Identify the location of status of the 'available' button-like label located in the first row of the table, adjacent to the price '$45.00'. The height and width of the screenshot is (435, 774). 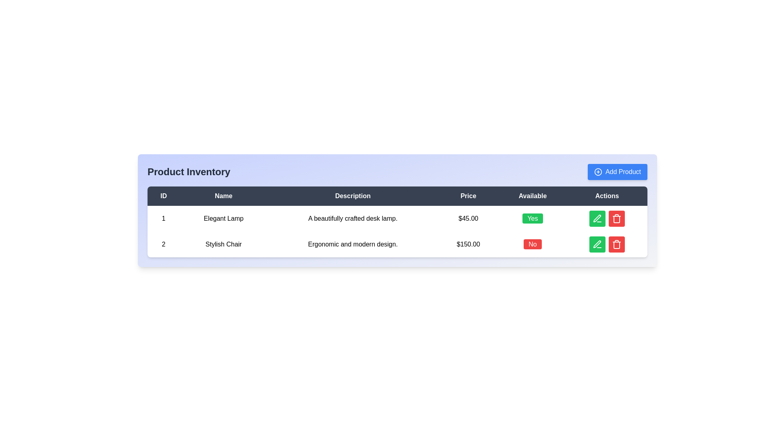
(533, 219).